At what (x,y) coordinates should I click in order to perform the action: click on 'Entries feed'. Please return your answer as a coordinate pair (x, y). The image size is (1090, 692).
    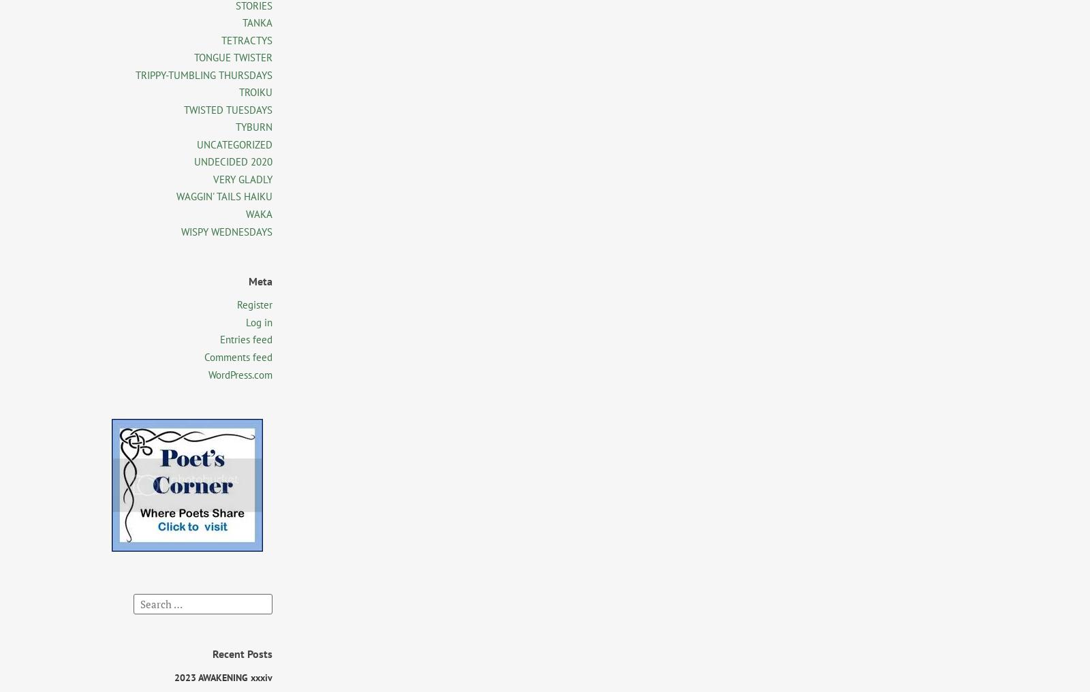
    Looking at the image, I should click on (246, 339).